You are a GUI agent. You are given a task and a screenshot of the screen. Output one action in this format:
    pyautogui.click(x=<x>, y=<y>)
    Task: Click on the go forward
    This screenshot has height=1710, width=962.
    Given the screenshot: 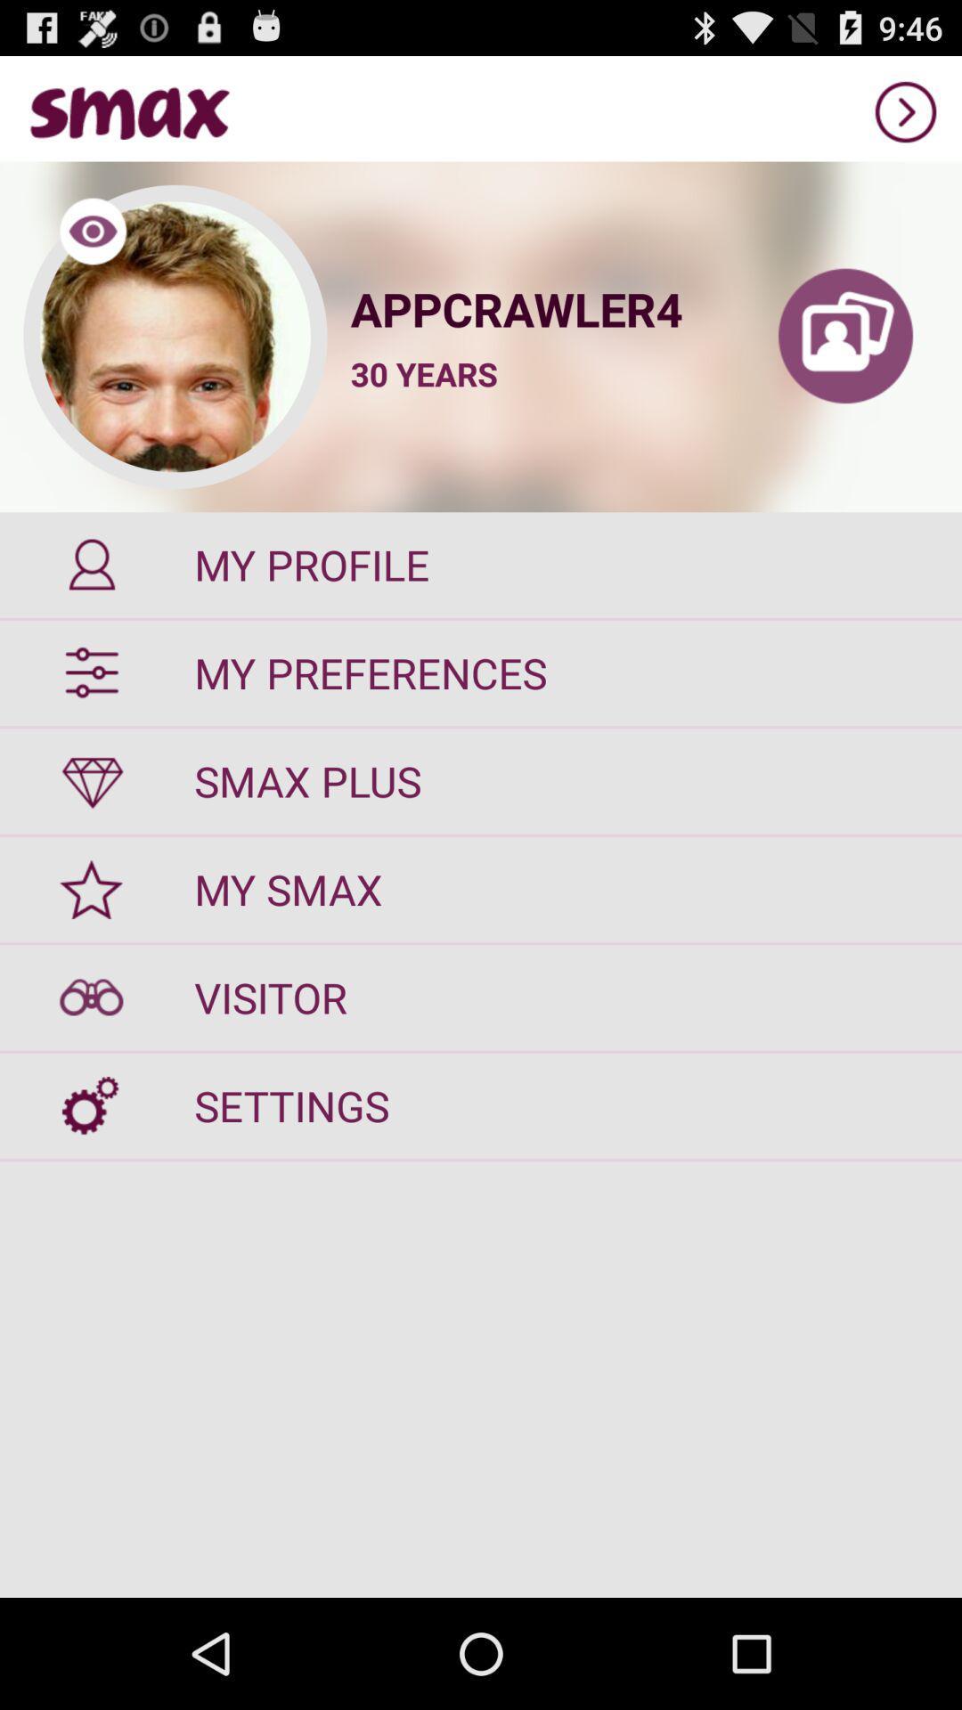 What is the action you would take?
    pyautogui.click(x=906, y=110)
    